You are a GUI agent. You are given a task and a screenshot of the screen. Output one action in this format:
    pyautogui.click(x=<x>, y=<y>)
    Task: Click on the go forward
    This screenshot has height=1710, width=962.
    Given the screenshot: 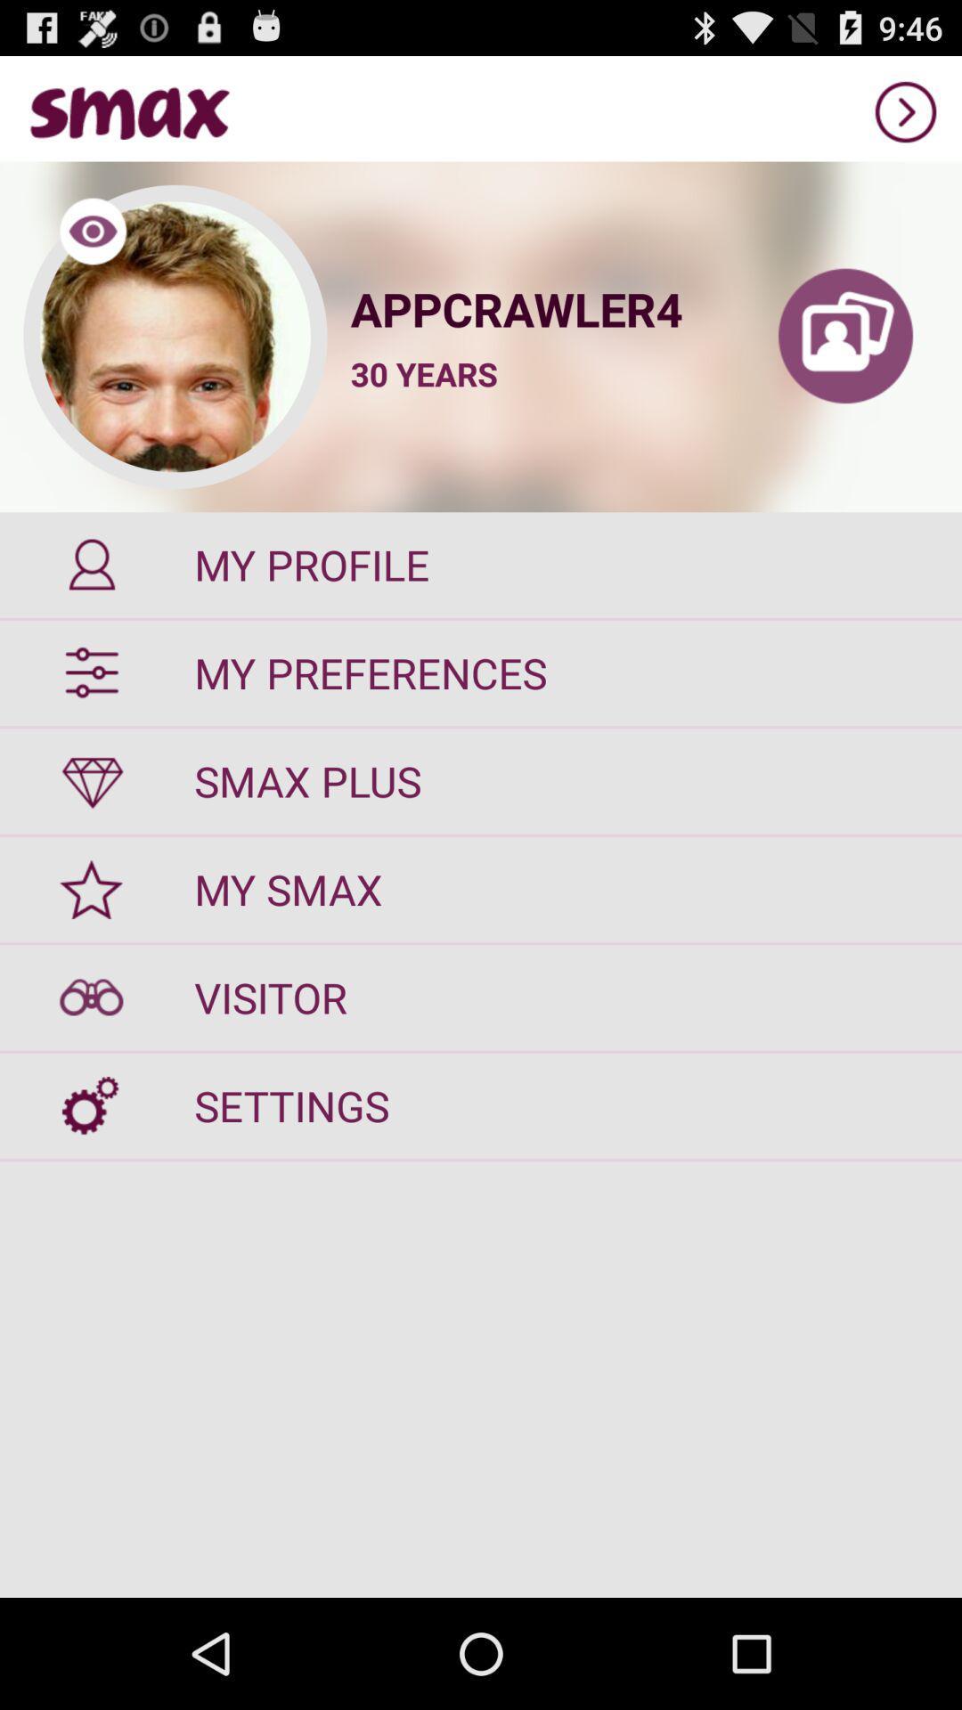 What is the action you would take?
    pyautogui.click(x=906, y=110)
    